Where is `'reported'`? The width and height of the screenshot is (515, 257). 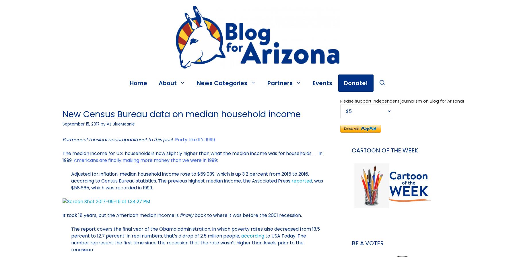 'reported' is located at coordinates (291, 181).